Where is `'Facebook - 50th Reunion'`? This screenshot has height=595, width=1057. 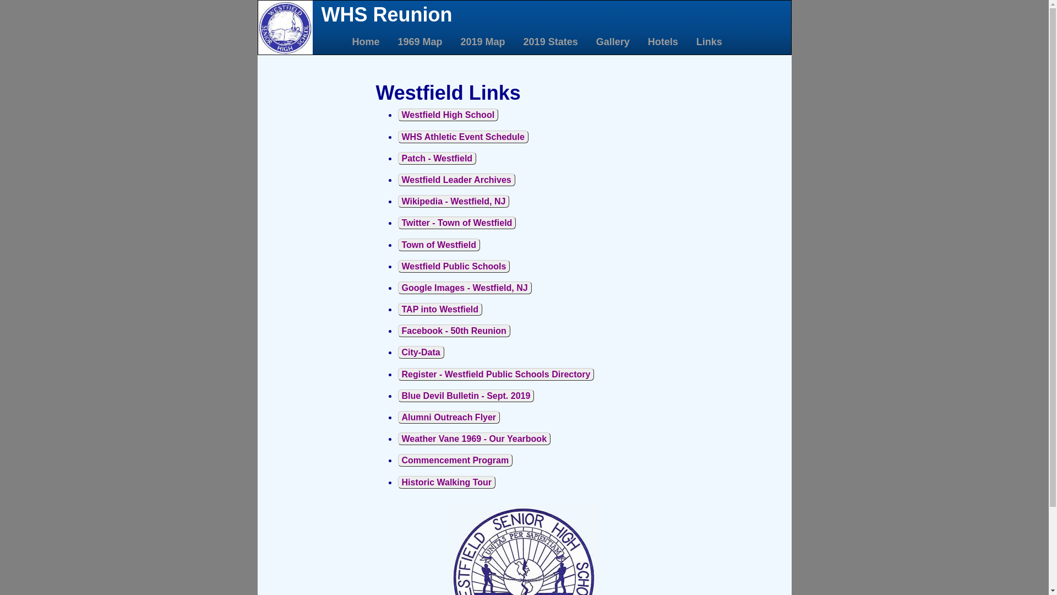
'Facebook - 50th Reunion' is located at coordinates (454, 330).